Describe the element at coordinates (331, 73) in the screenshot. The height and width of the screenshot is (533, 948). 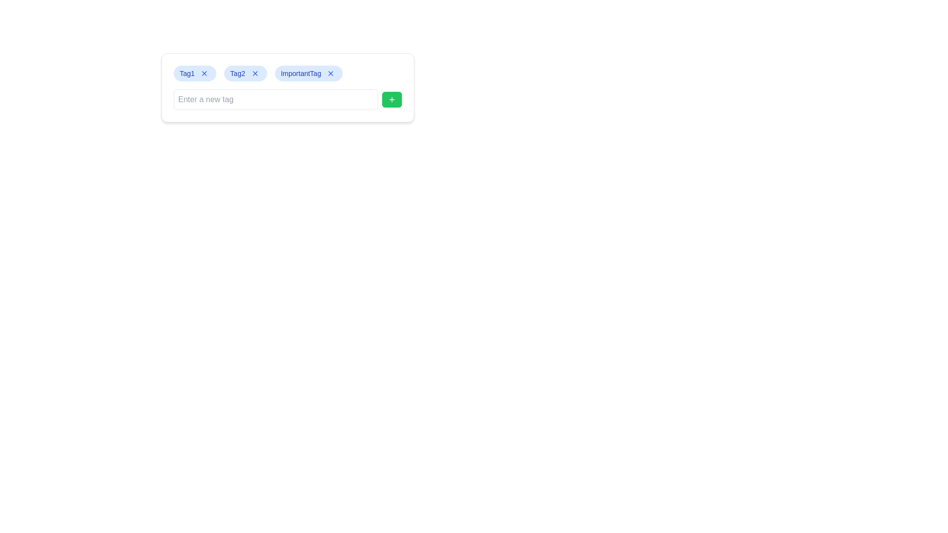
I see `the small button-like icon with an 'X' symbol, which is styled with a transparent background and blue border, located at the right end of the 'ImportantTag'` at that location.